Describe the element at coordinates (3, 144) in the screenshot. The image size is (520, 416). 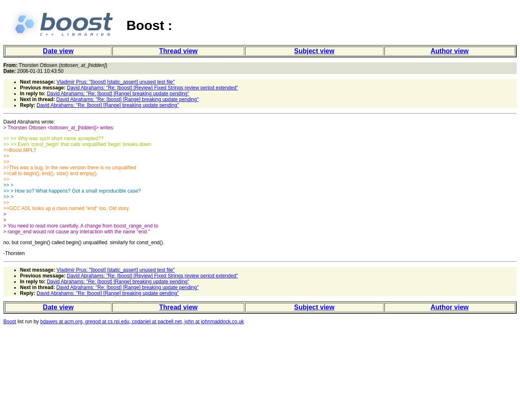
I see `'>> >> Even 'const_begin' that calls unqualified 'begin' breaks down'` at that location.